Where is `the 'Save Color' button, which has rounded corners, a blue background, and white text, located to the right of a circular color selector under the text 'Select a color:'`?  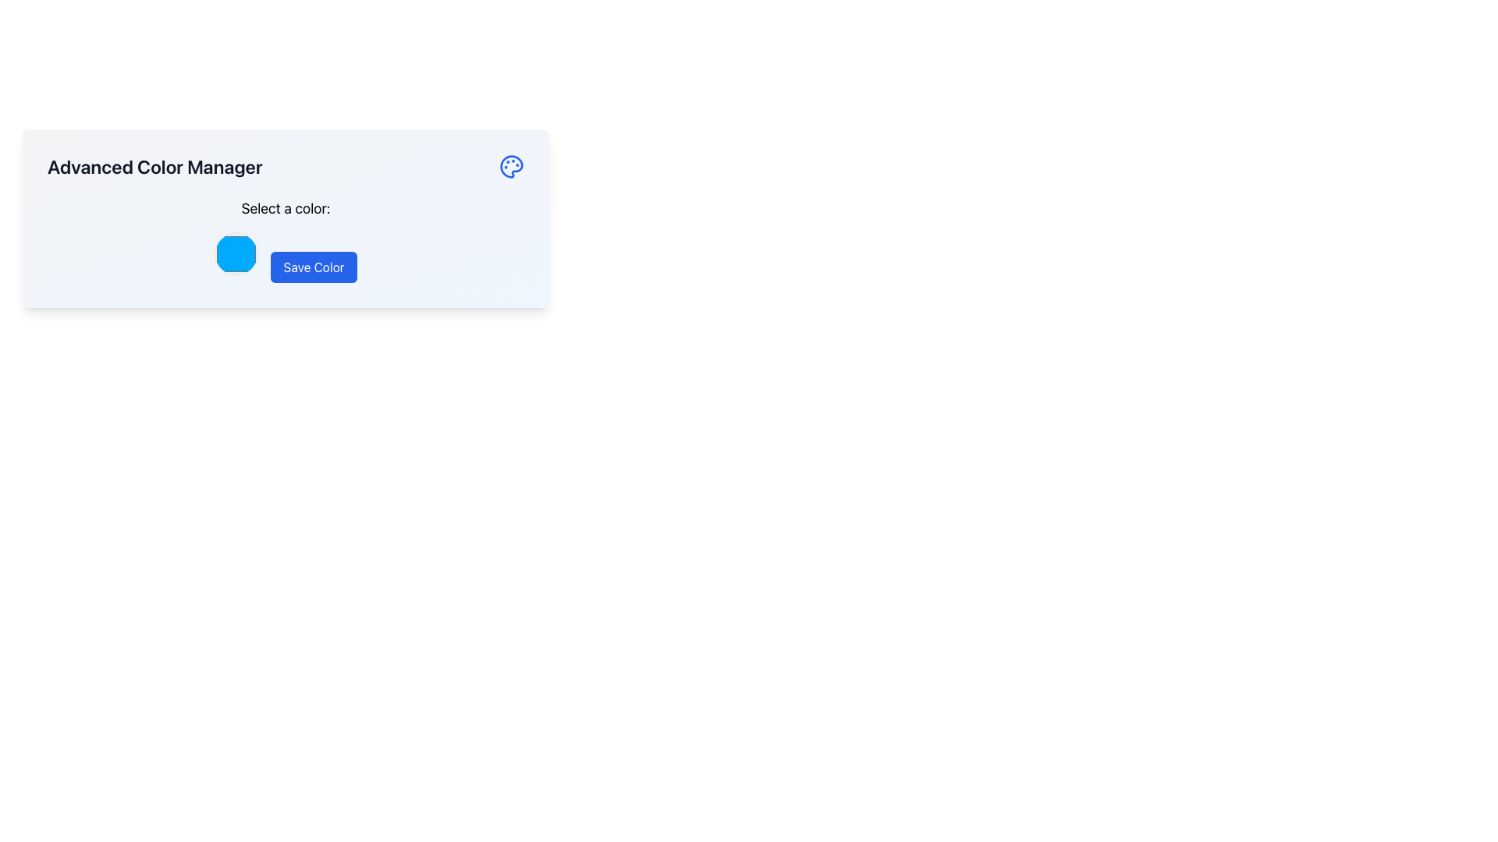 the 'Save Color' button, which has rounded corners, a blue background, and white text, located to the right of a circular color selector under the text 'Select a color:' is located at coordinates (313, 267).